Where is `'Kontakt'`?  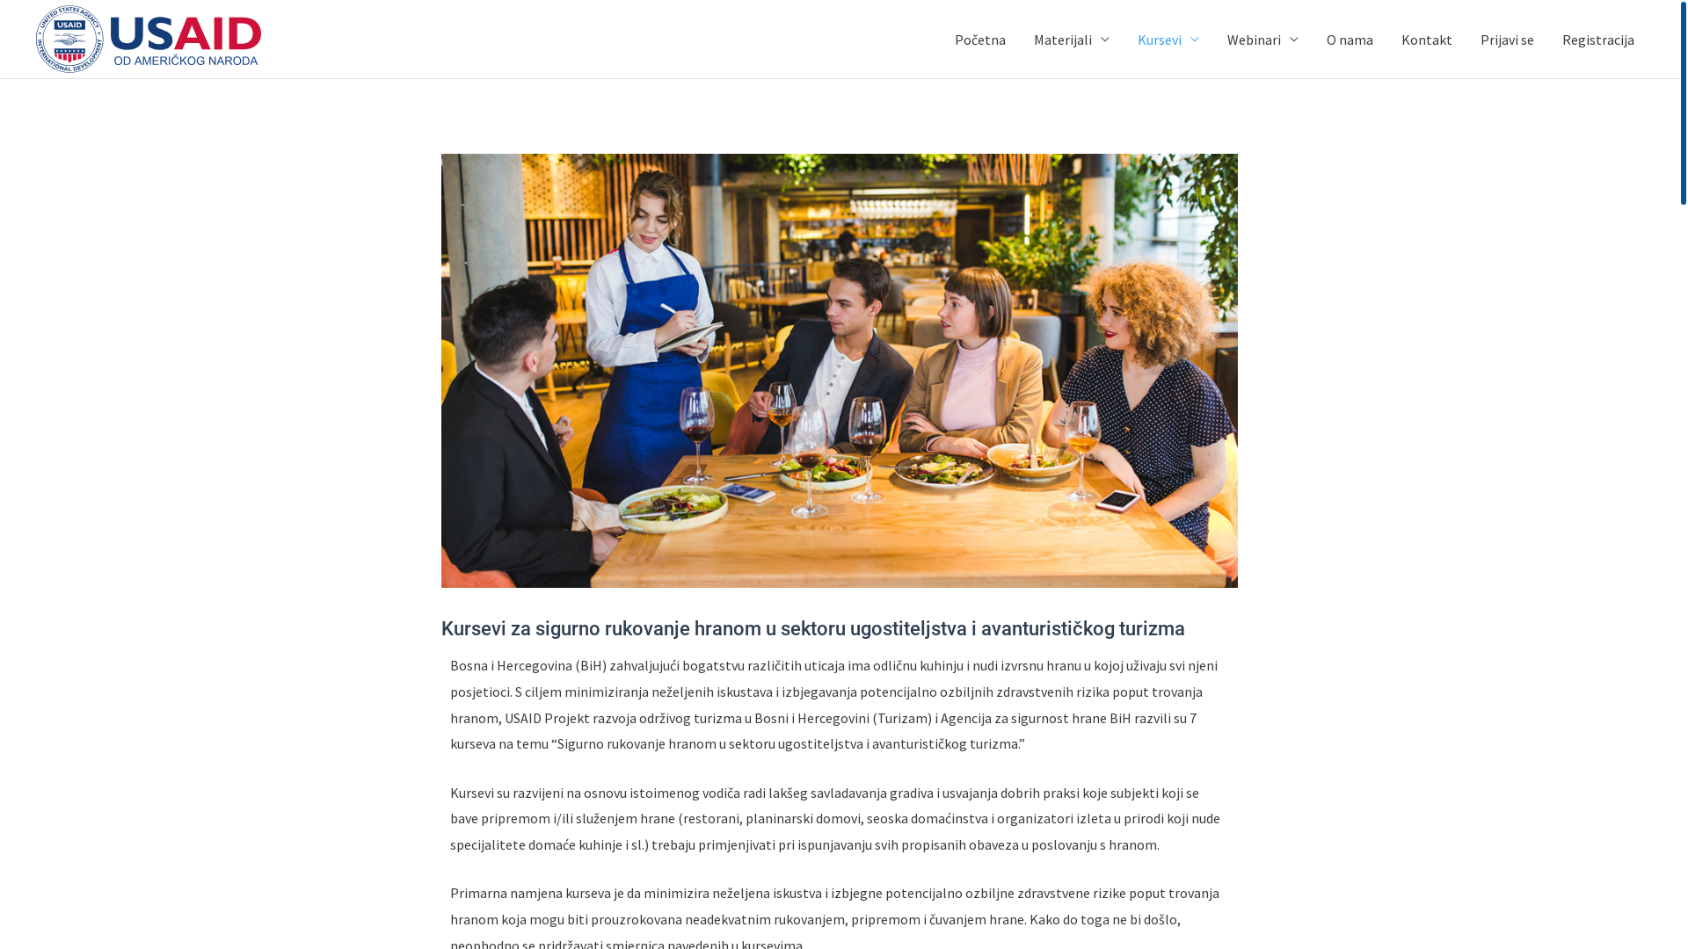 'Kontakt' is located at coordinates (1426, 38).